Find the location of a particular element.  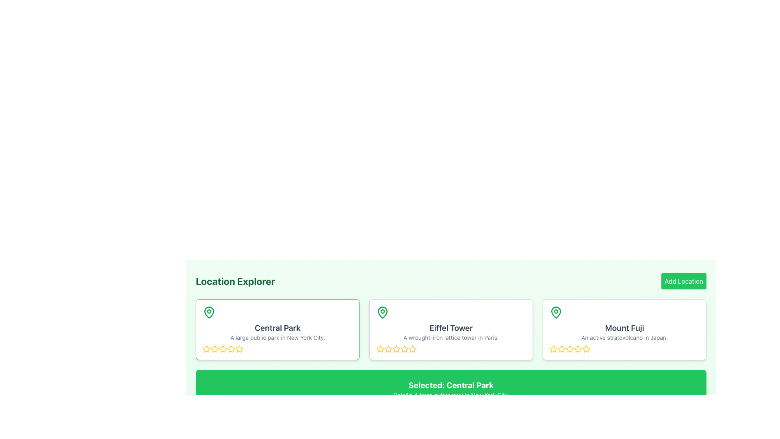

the yellow star icon representing the first rating in the 'Location Explorer' section for 'Central Park' is located at coordinates (206, 348).